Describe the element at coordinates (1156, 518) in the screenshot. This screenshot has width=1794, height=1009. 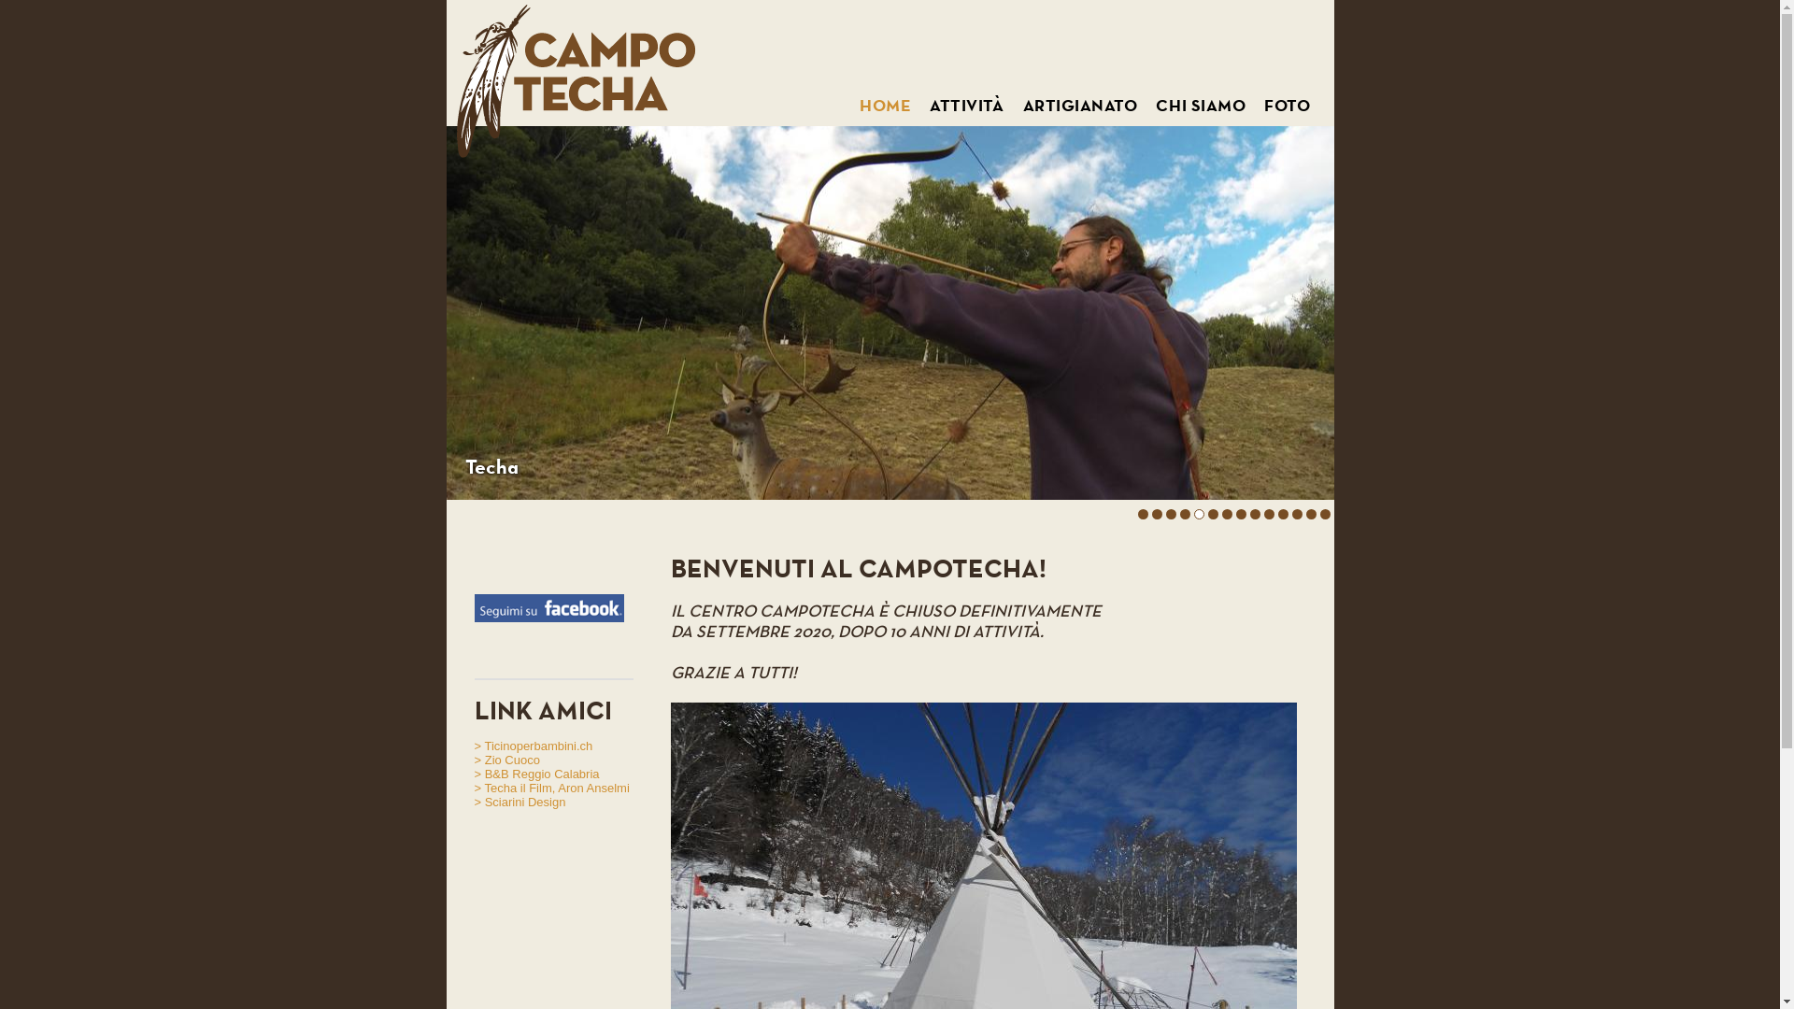
I see `'2'` at that location.